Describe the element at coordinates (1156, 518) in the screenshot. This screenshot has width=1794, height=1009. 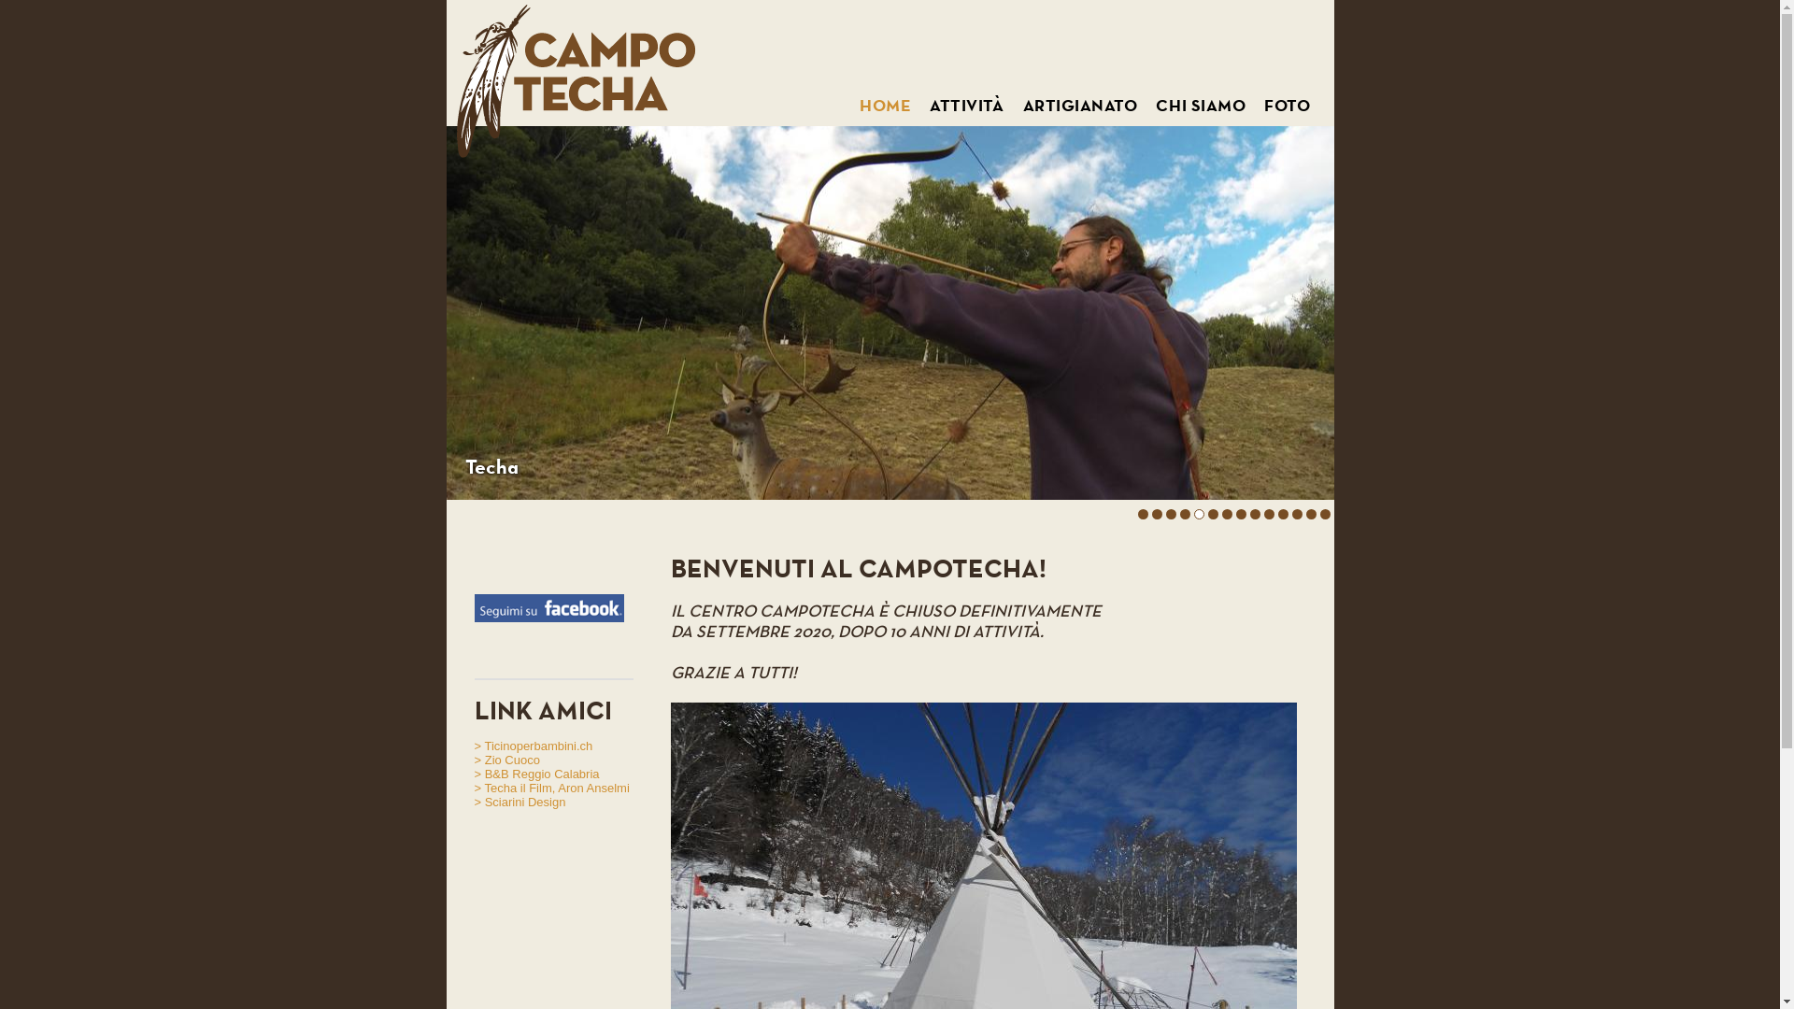
I see `'2'` at that location.